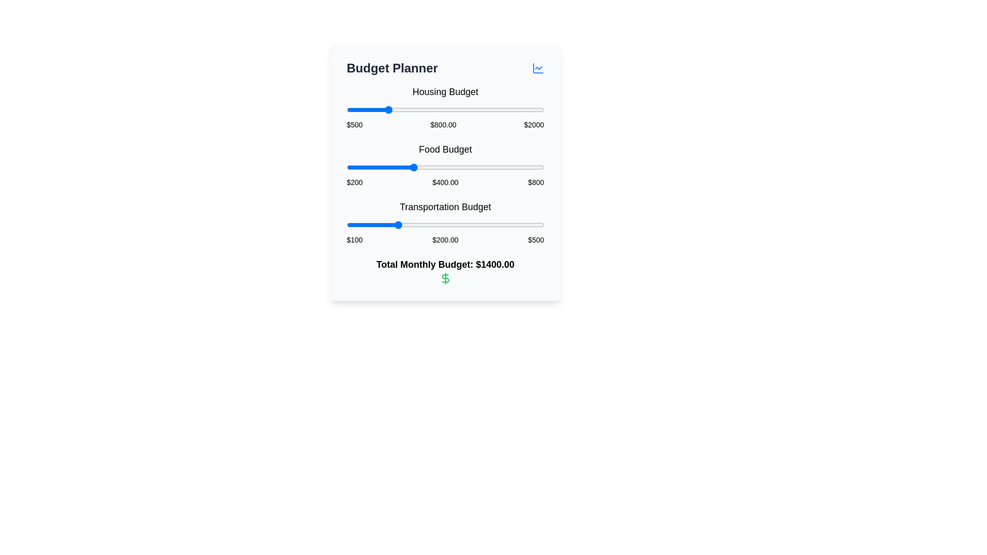  Describe the element at coordinates (394, 167) in the screenshot. I see `the Food Budget slider value` at that location.